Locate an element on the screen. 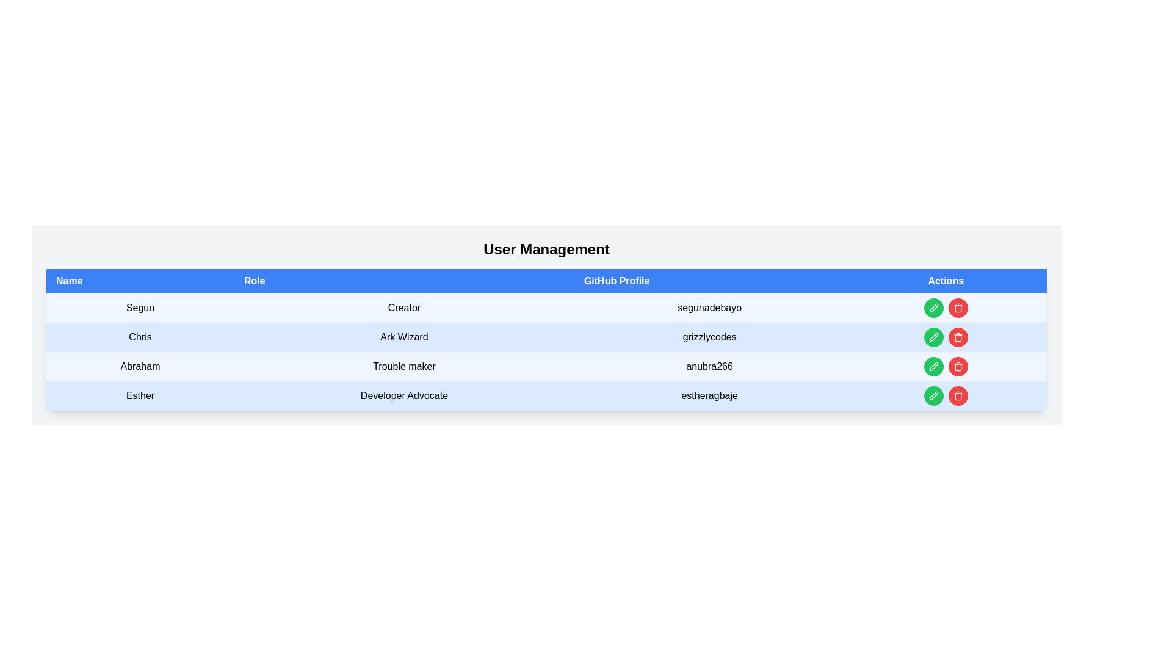  the circular red button with a white trash icon located is located at coordinates (957, 395).